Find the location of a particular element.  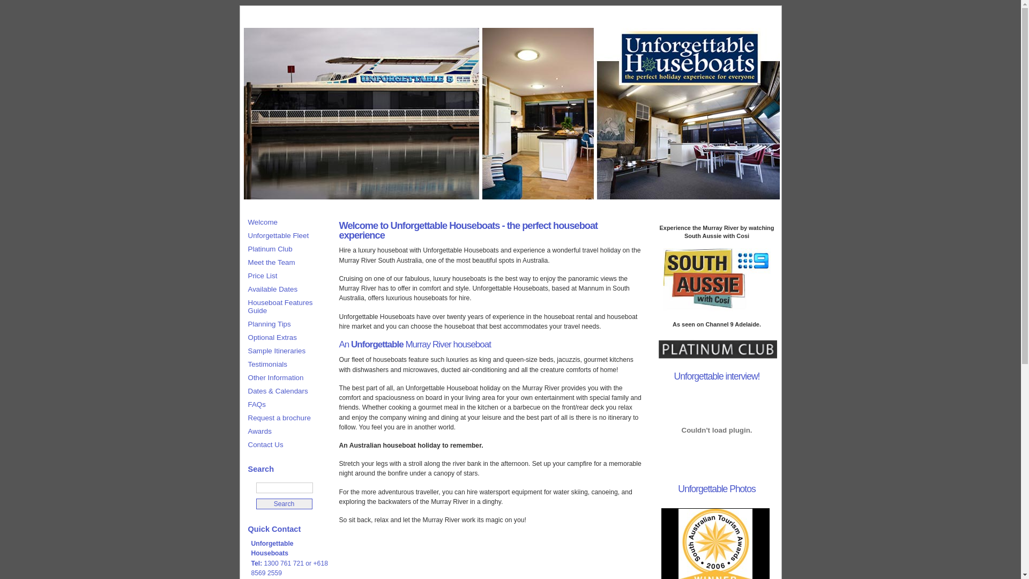

'South Aussie with Cosi' is located at coordinates (717, 279).